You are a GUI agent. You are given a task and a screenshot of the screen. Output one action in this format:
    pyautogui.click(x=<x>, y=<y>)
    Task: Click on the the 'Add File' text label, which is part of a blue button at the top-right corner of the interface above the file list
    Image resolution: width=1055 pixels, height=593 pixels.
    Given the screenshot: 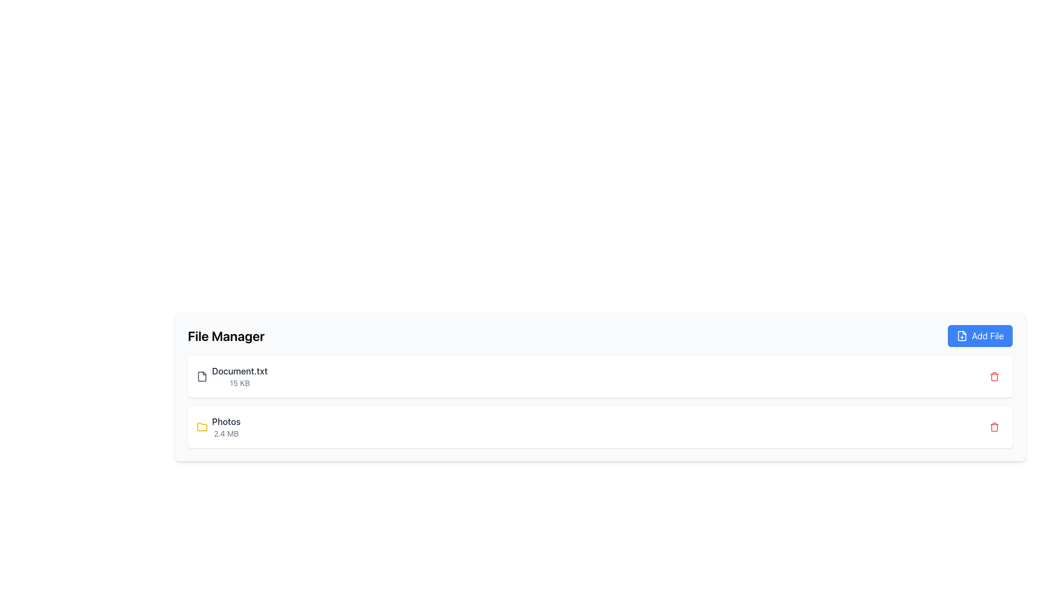 What is the action you would take?
    pyautogui.click(x=987, y=335)
    